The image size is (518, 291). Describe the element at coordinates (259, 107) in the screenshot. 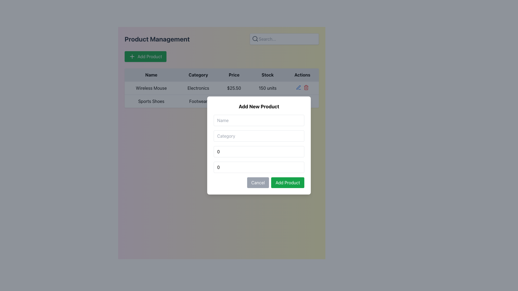

I see `the Text Header that indicates the purpose of the modal for adding a new product, located at the top of the modal card` at that location.